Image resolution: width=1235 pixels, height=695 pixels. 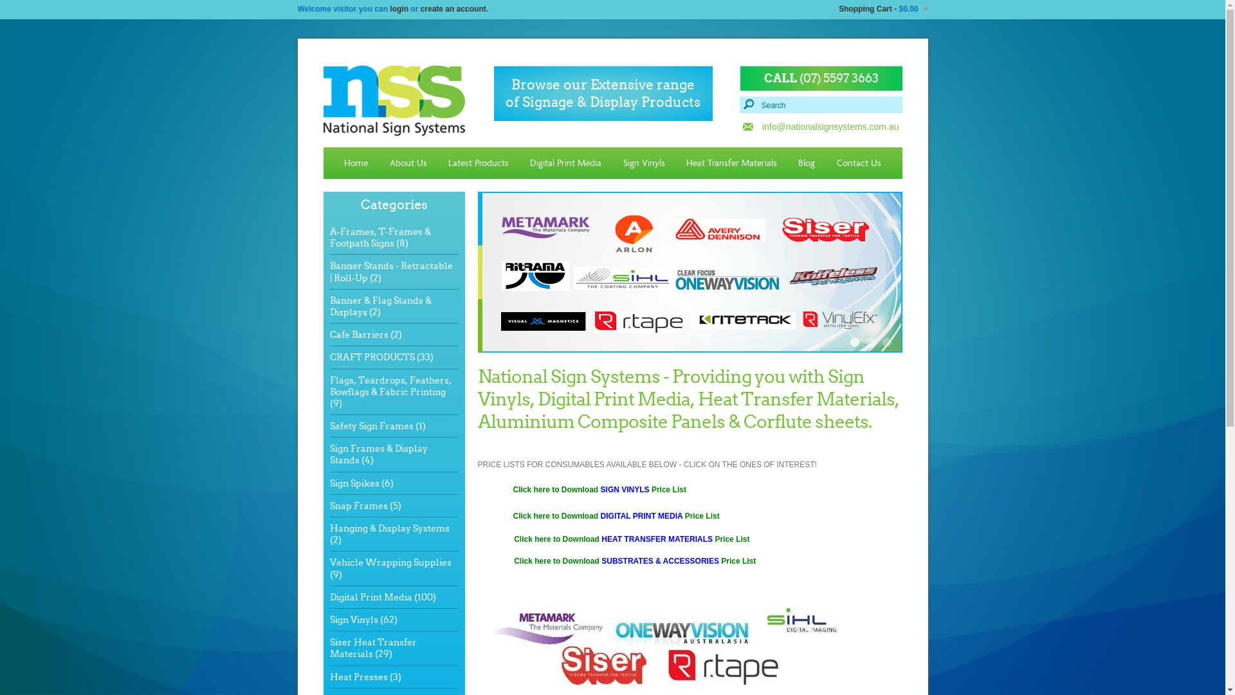 I want to click on 'Sign Spikes (6)', so click(x=360, y=483).